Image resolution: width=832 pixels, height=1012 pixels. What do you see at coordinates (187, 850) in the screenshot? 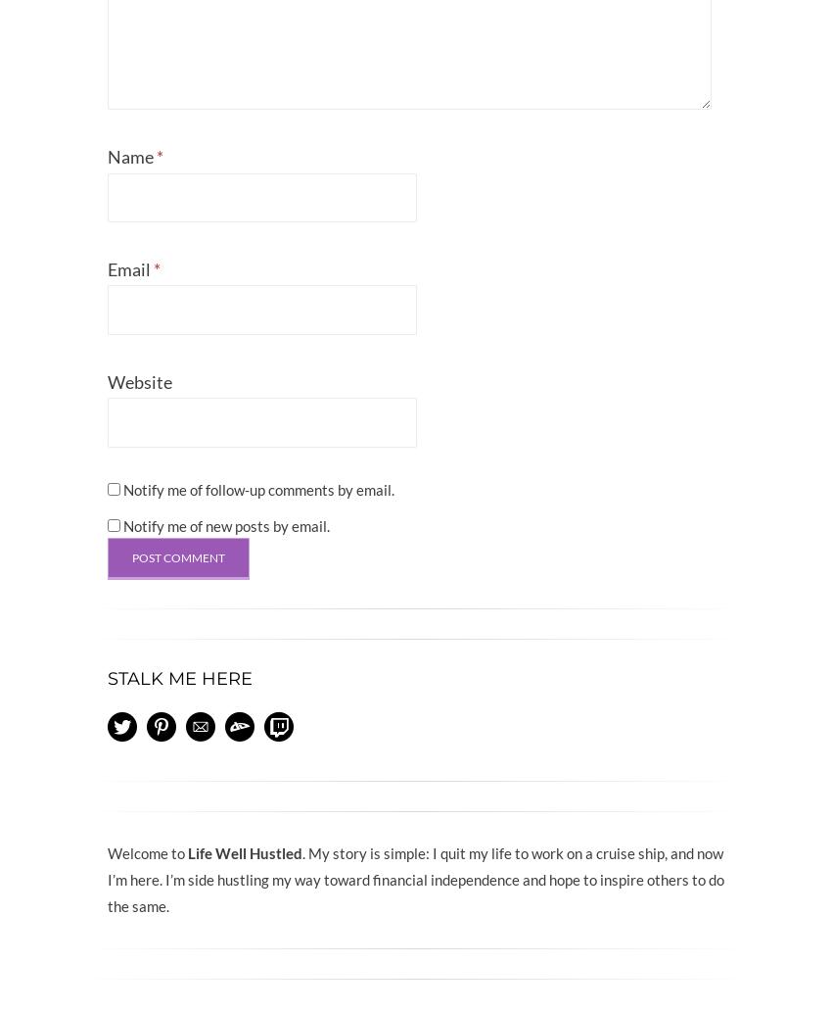
I see `'Life Well Hustled'` at bounding box center [187, 850].